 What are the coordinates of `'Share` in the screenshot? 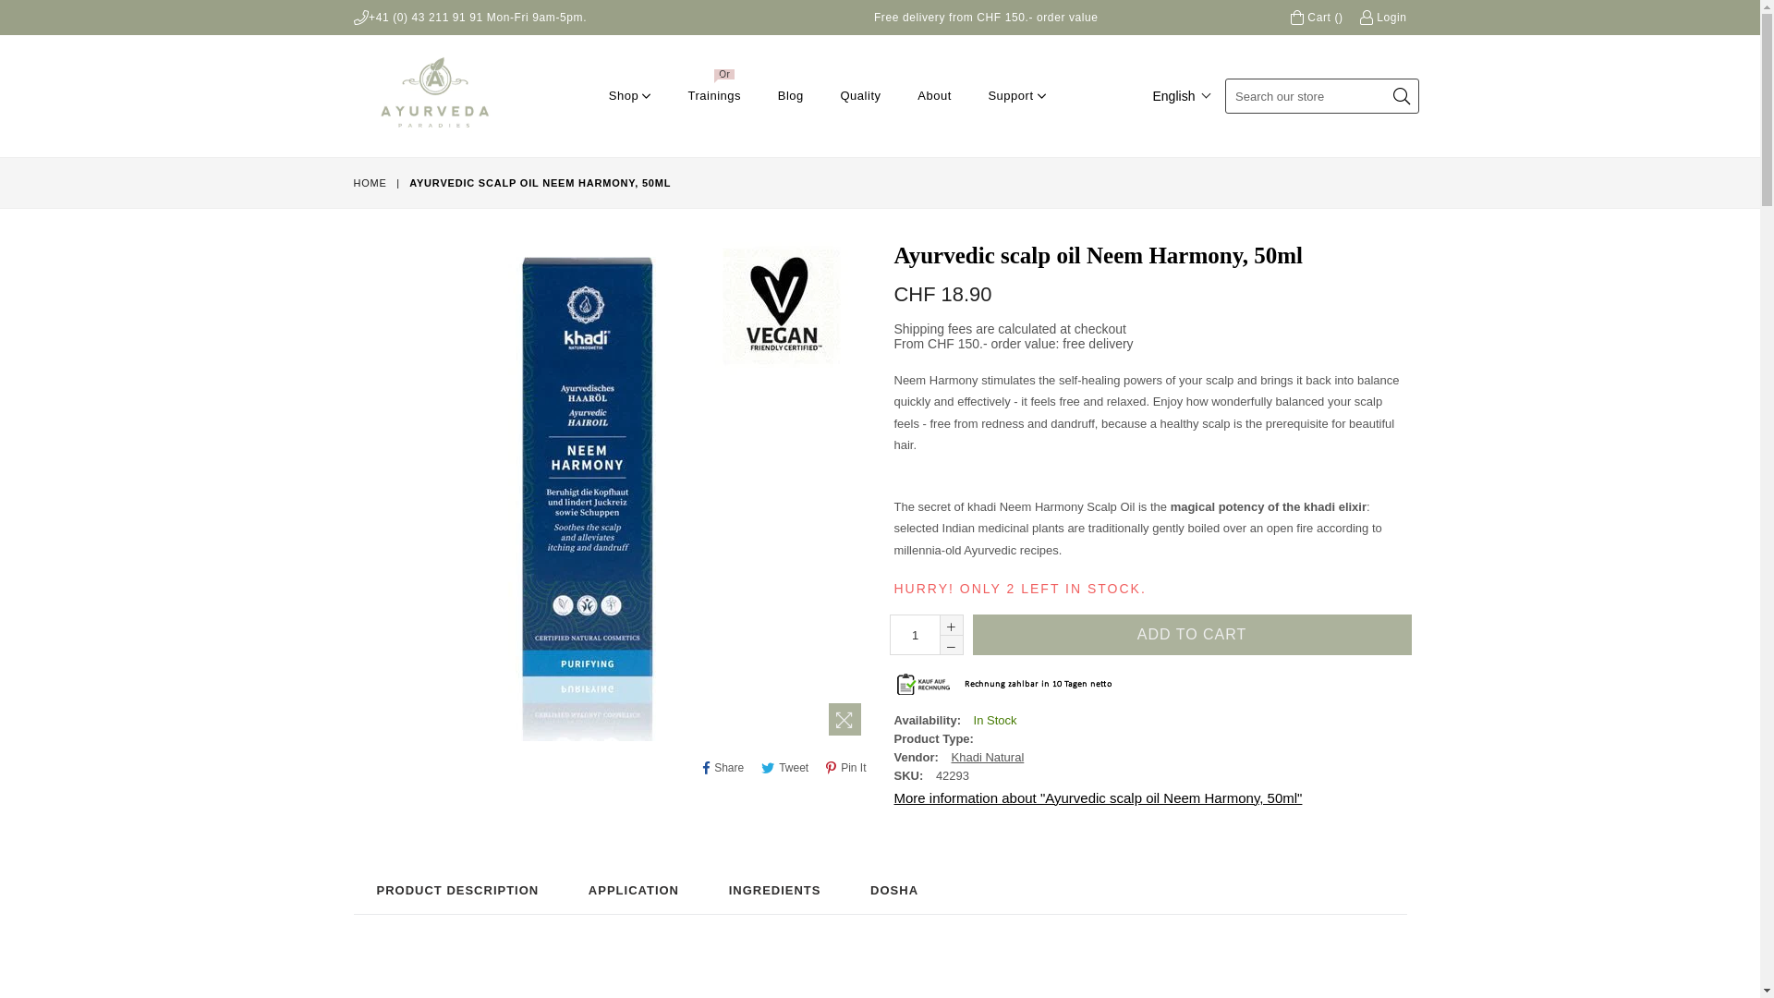 It's located at (697, 768).